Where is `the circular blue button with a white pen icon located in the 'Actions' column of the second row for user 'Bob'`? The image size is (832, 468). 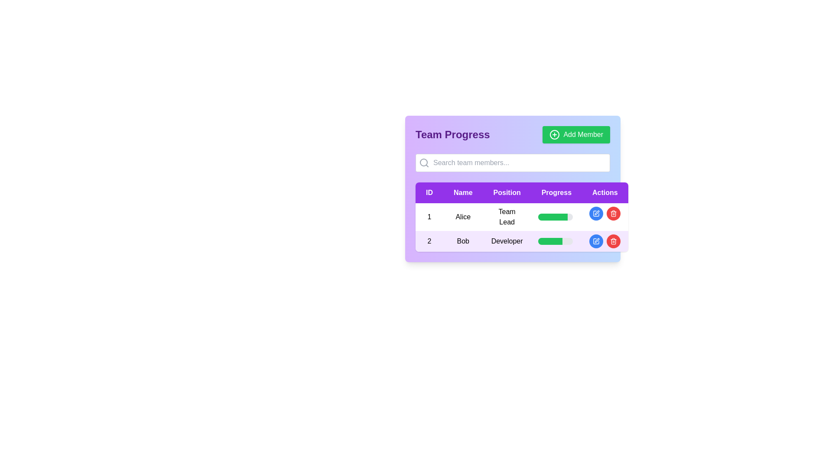 the circular blue button with a white pen icon located in the 'Actions' column of the second row for user 'Bob' is located at coordinates (596, 241).